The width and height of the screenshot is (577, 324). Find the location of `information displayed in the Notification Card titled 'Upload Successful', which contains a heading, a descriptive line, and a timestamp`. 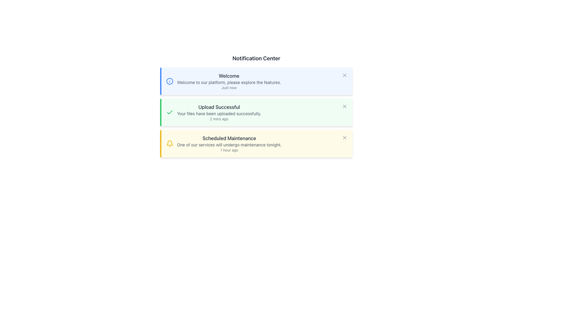

information displayed in the Notification Card titled 'Upload Successful', which contains a heading, a descriptive line, and a timestamp is located at coordinates (219, 112).